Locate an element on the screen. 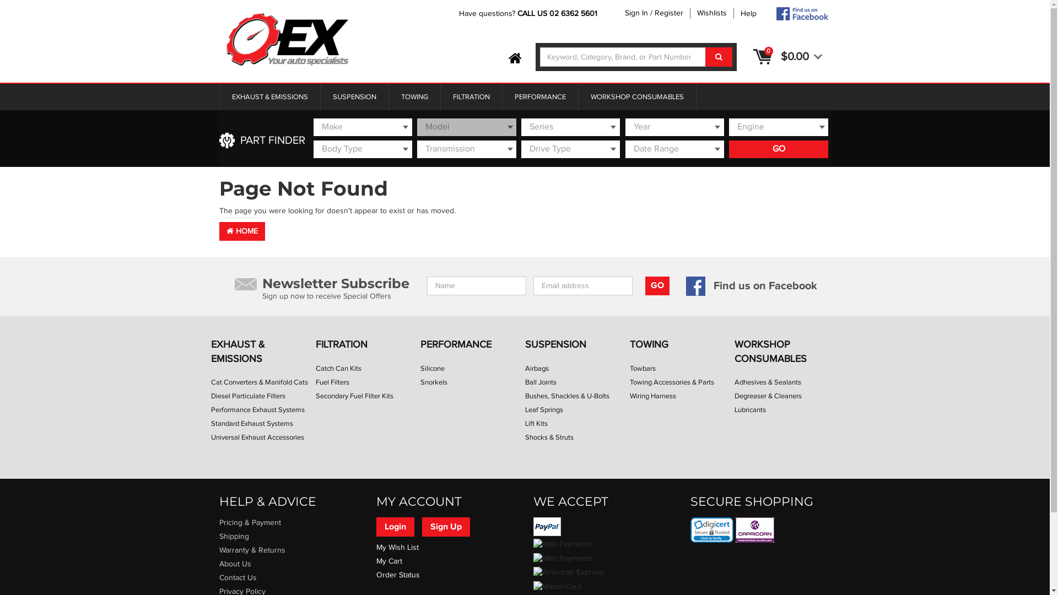 The height and width of the screenshot is (595, 1058). 'Catch Can Kits' is located at coordinates (314, 368).